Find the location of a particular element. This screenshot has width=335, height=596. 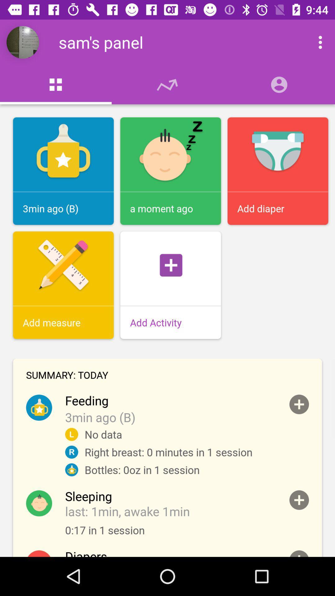

collapse/expand item is located at coordinates (299, 553).